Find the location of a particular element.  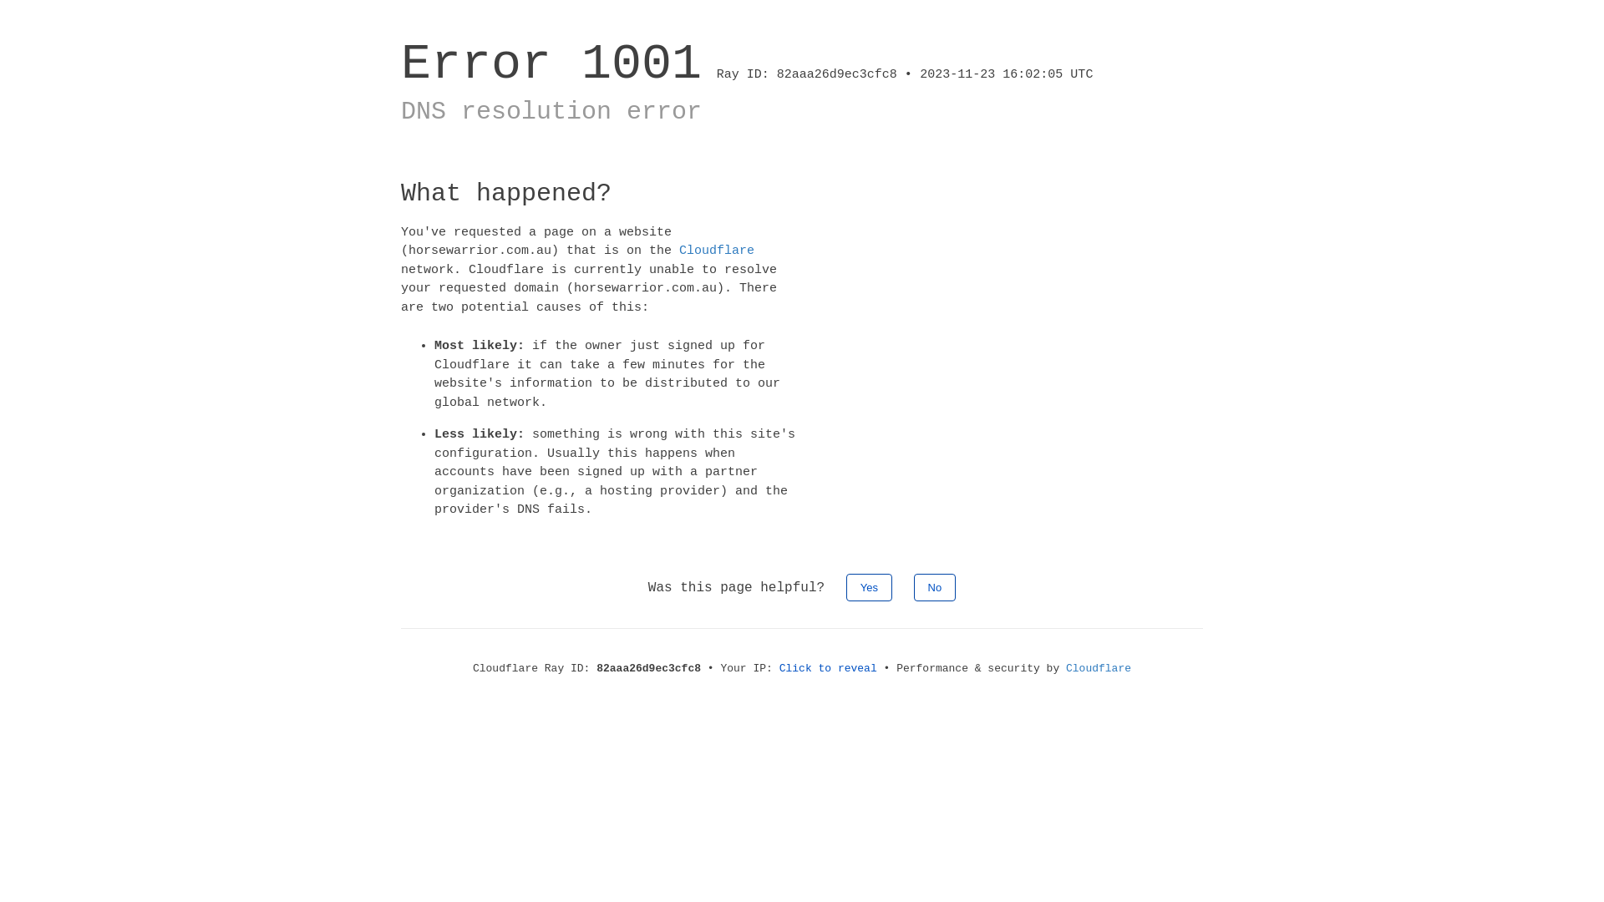

'Yes' is located at coordinates (869, 585).